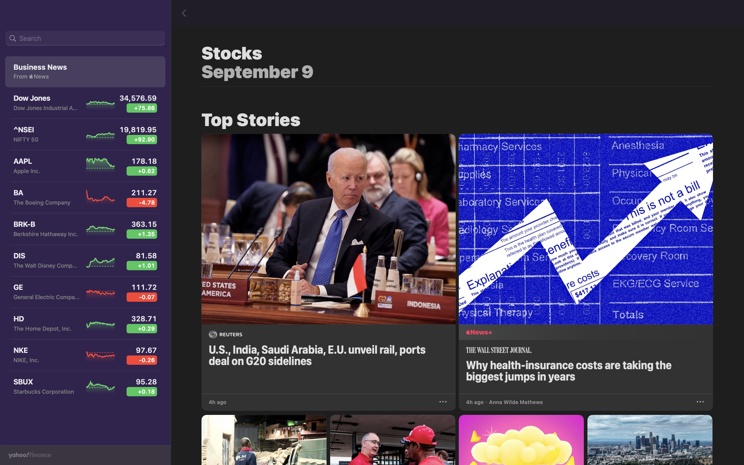 The width and height of the screenshot is (744, 465). What do you see at coordinates (588, 262) in the screenshot?
I see `the news about health insurance` at bounding box center [588, 262].